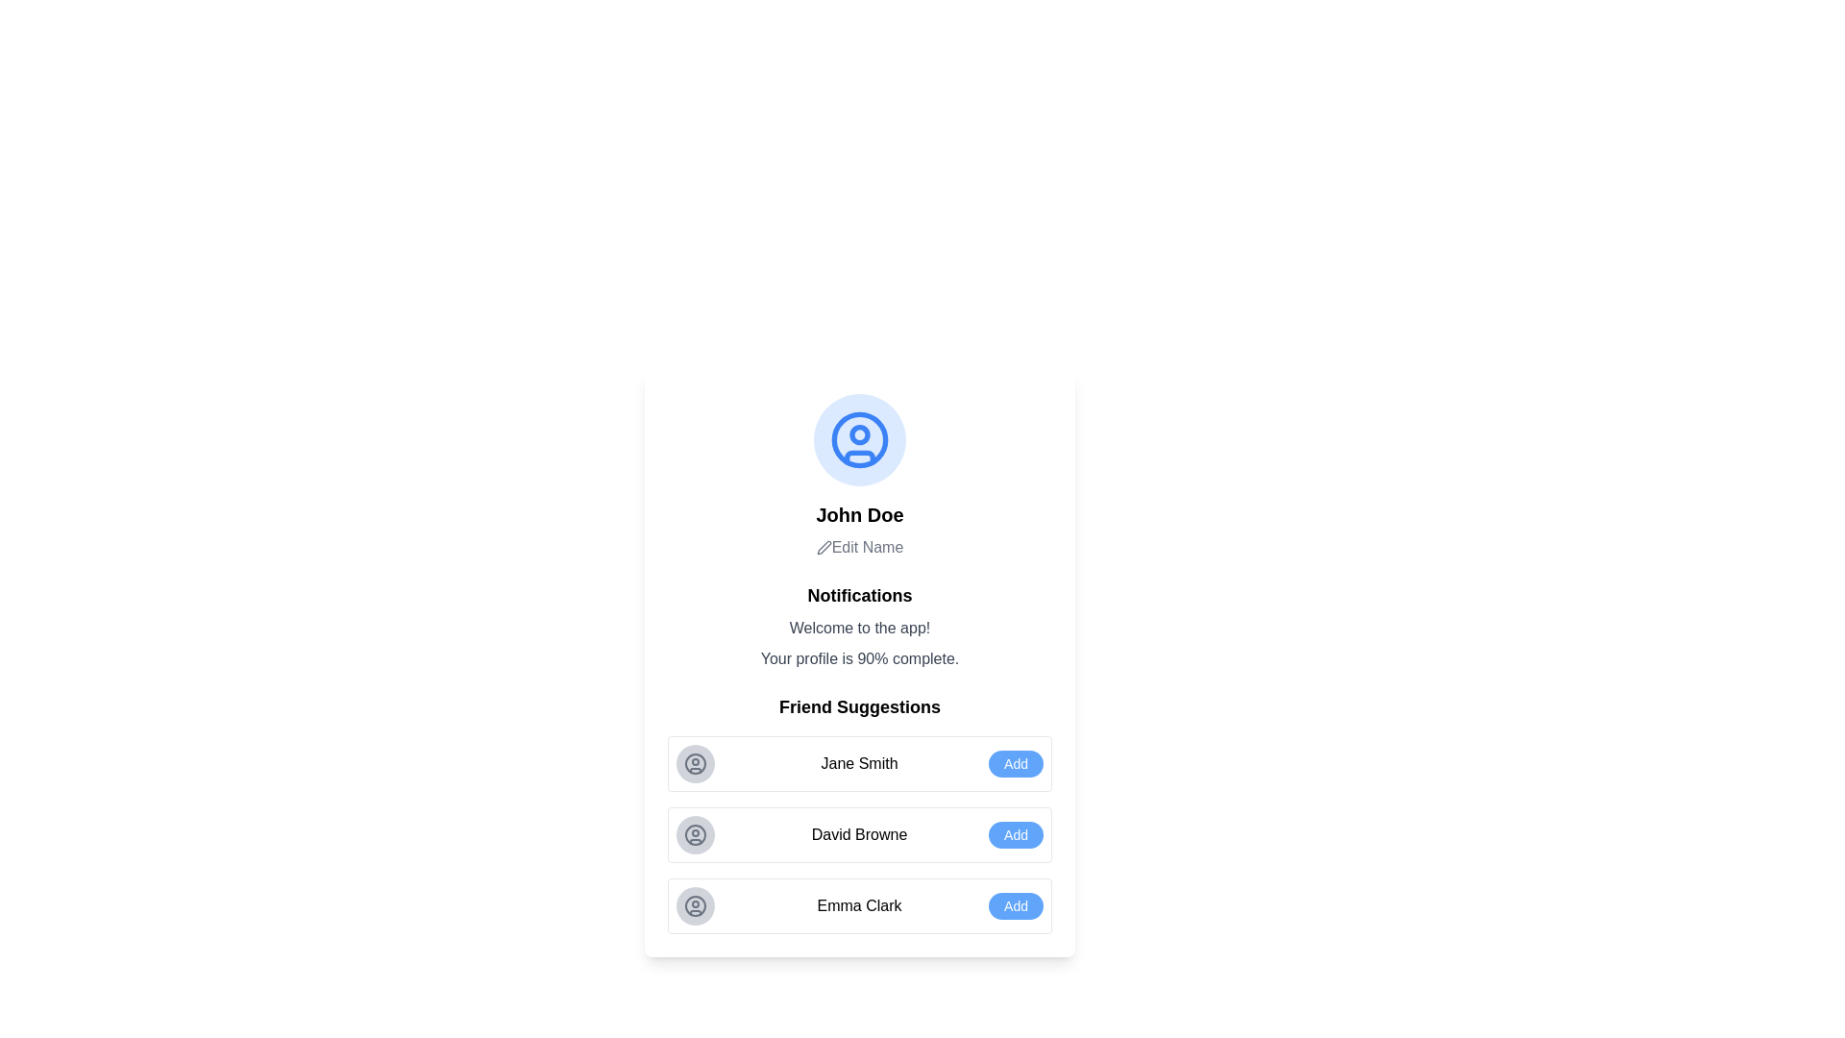  What do you see at coordinates (695, 762) in the screenshot?
I see `the circular user profile avatar icon with a gray outline and a central user silhouette, located to the left of 'Jane Smith' and the blue 'Add' button` at bounding box center [695, 762].